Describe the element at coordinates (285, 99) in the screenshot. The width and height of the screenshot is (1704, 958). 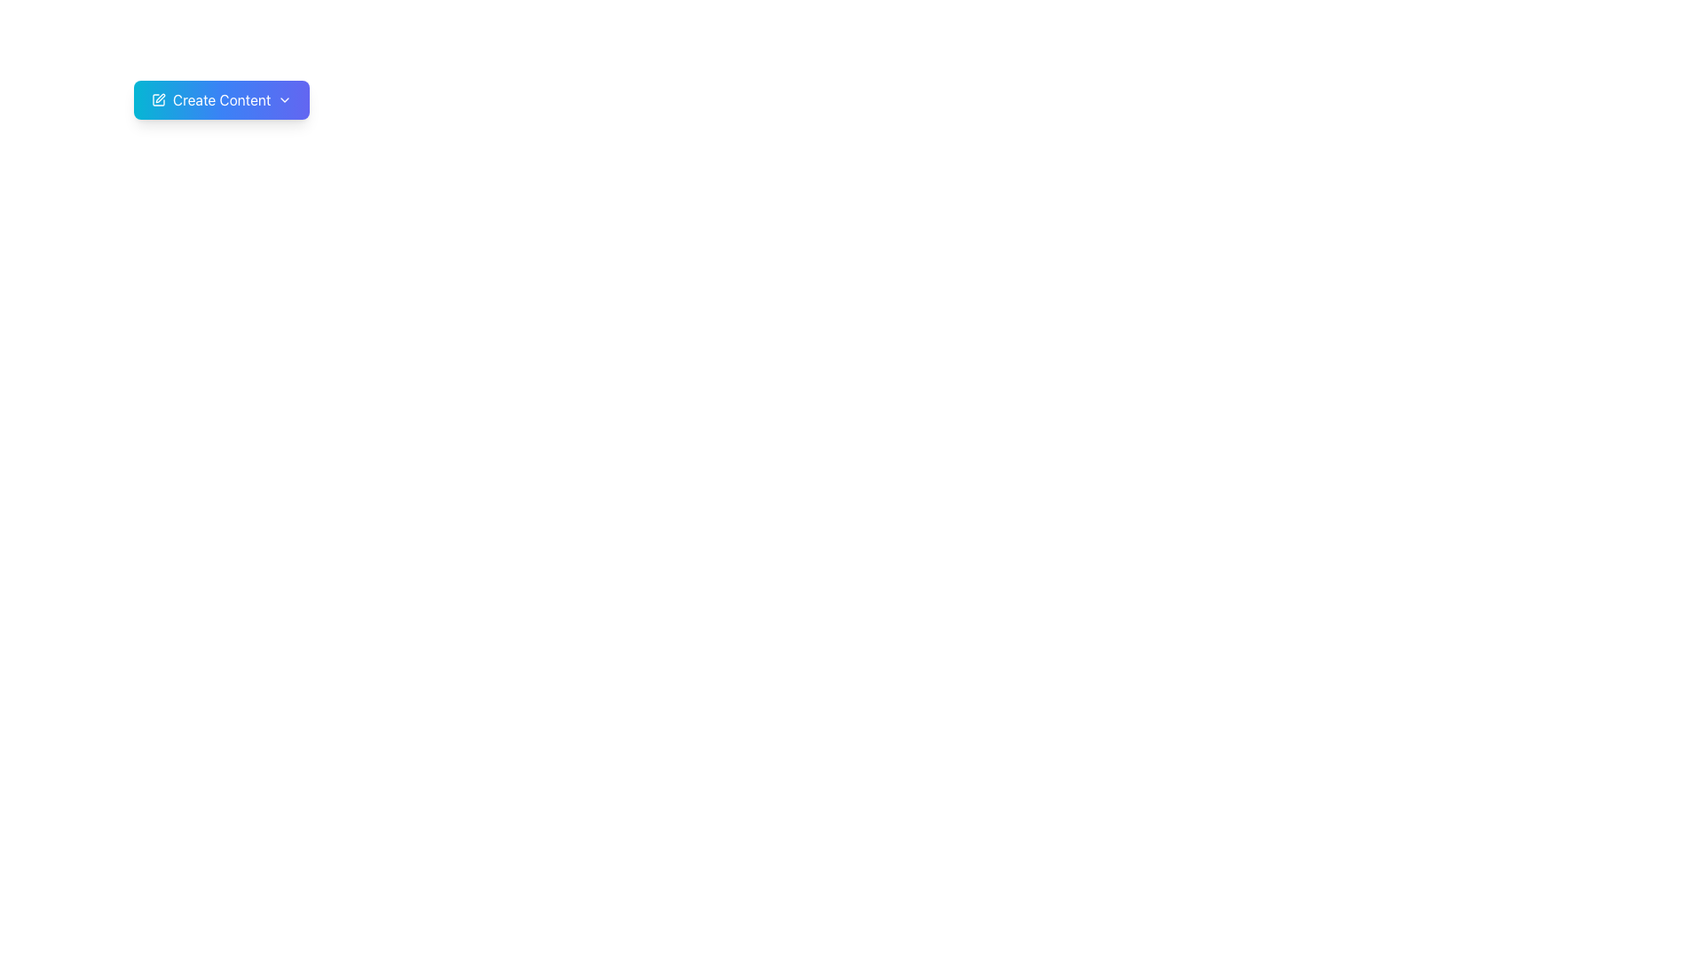
I see `the chevron icon located to the far right of the 'Create Content' button` at that location.